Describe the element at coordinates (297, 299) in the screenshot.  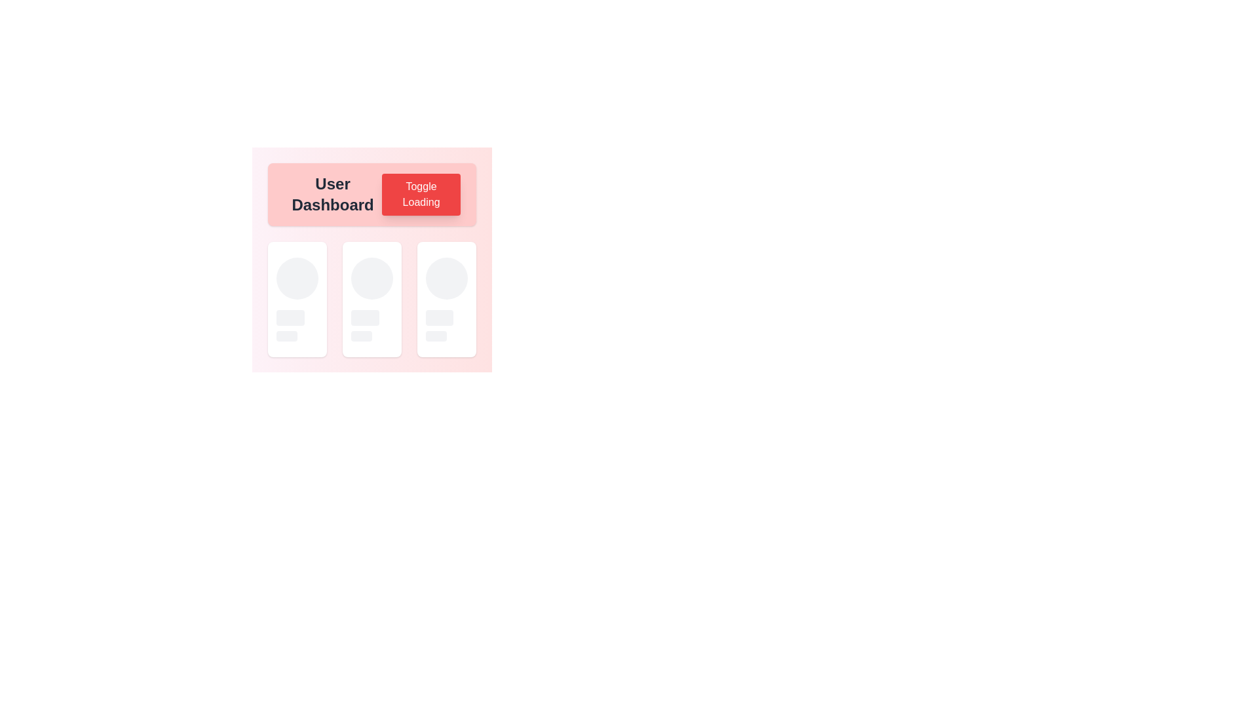
I see `the Placeholder Card, which is a white, rounded rectangular card with a circular placeholder at the top and two smaller rectangular placeholders stacked vertically, located in the leftmost position of a grid layout` at that location.